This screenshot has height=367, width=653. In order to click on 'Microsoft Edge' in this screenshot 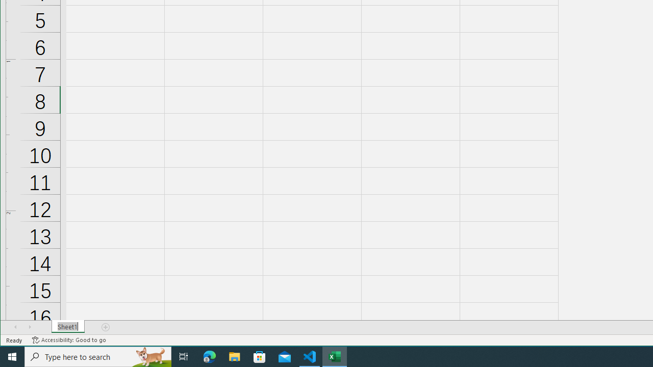, I will do `click(209, 356)`.